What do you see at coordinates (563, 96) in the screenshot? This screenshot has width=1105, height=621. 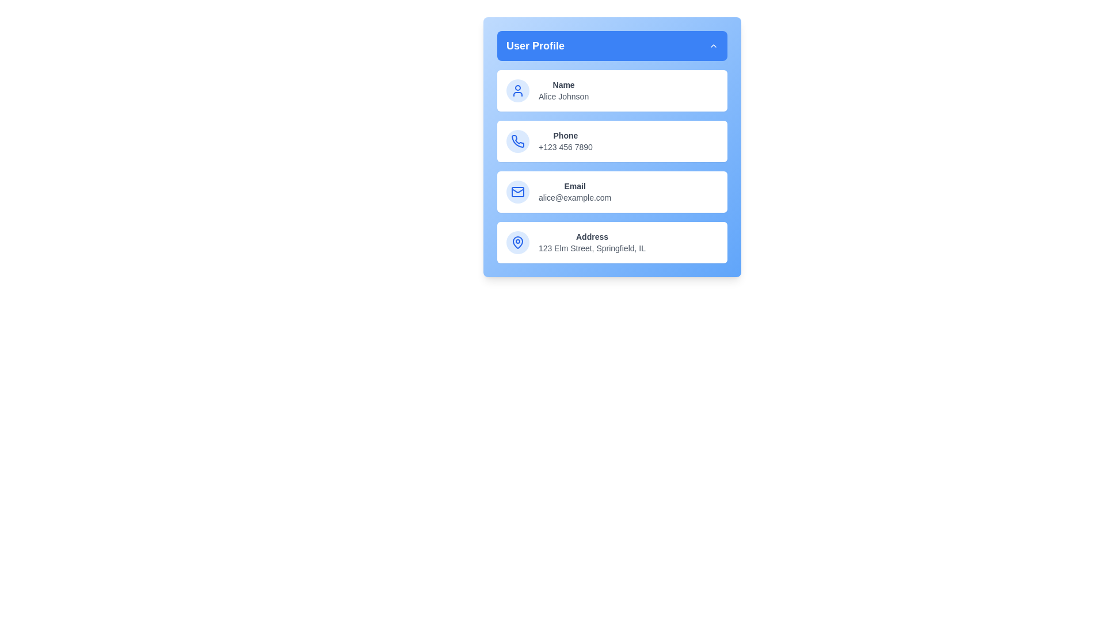 I see `the text 'Alice Johnson' displayed in gray color under the label 'Name' within the user profile card` at bounding box center [563, 96].